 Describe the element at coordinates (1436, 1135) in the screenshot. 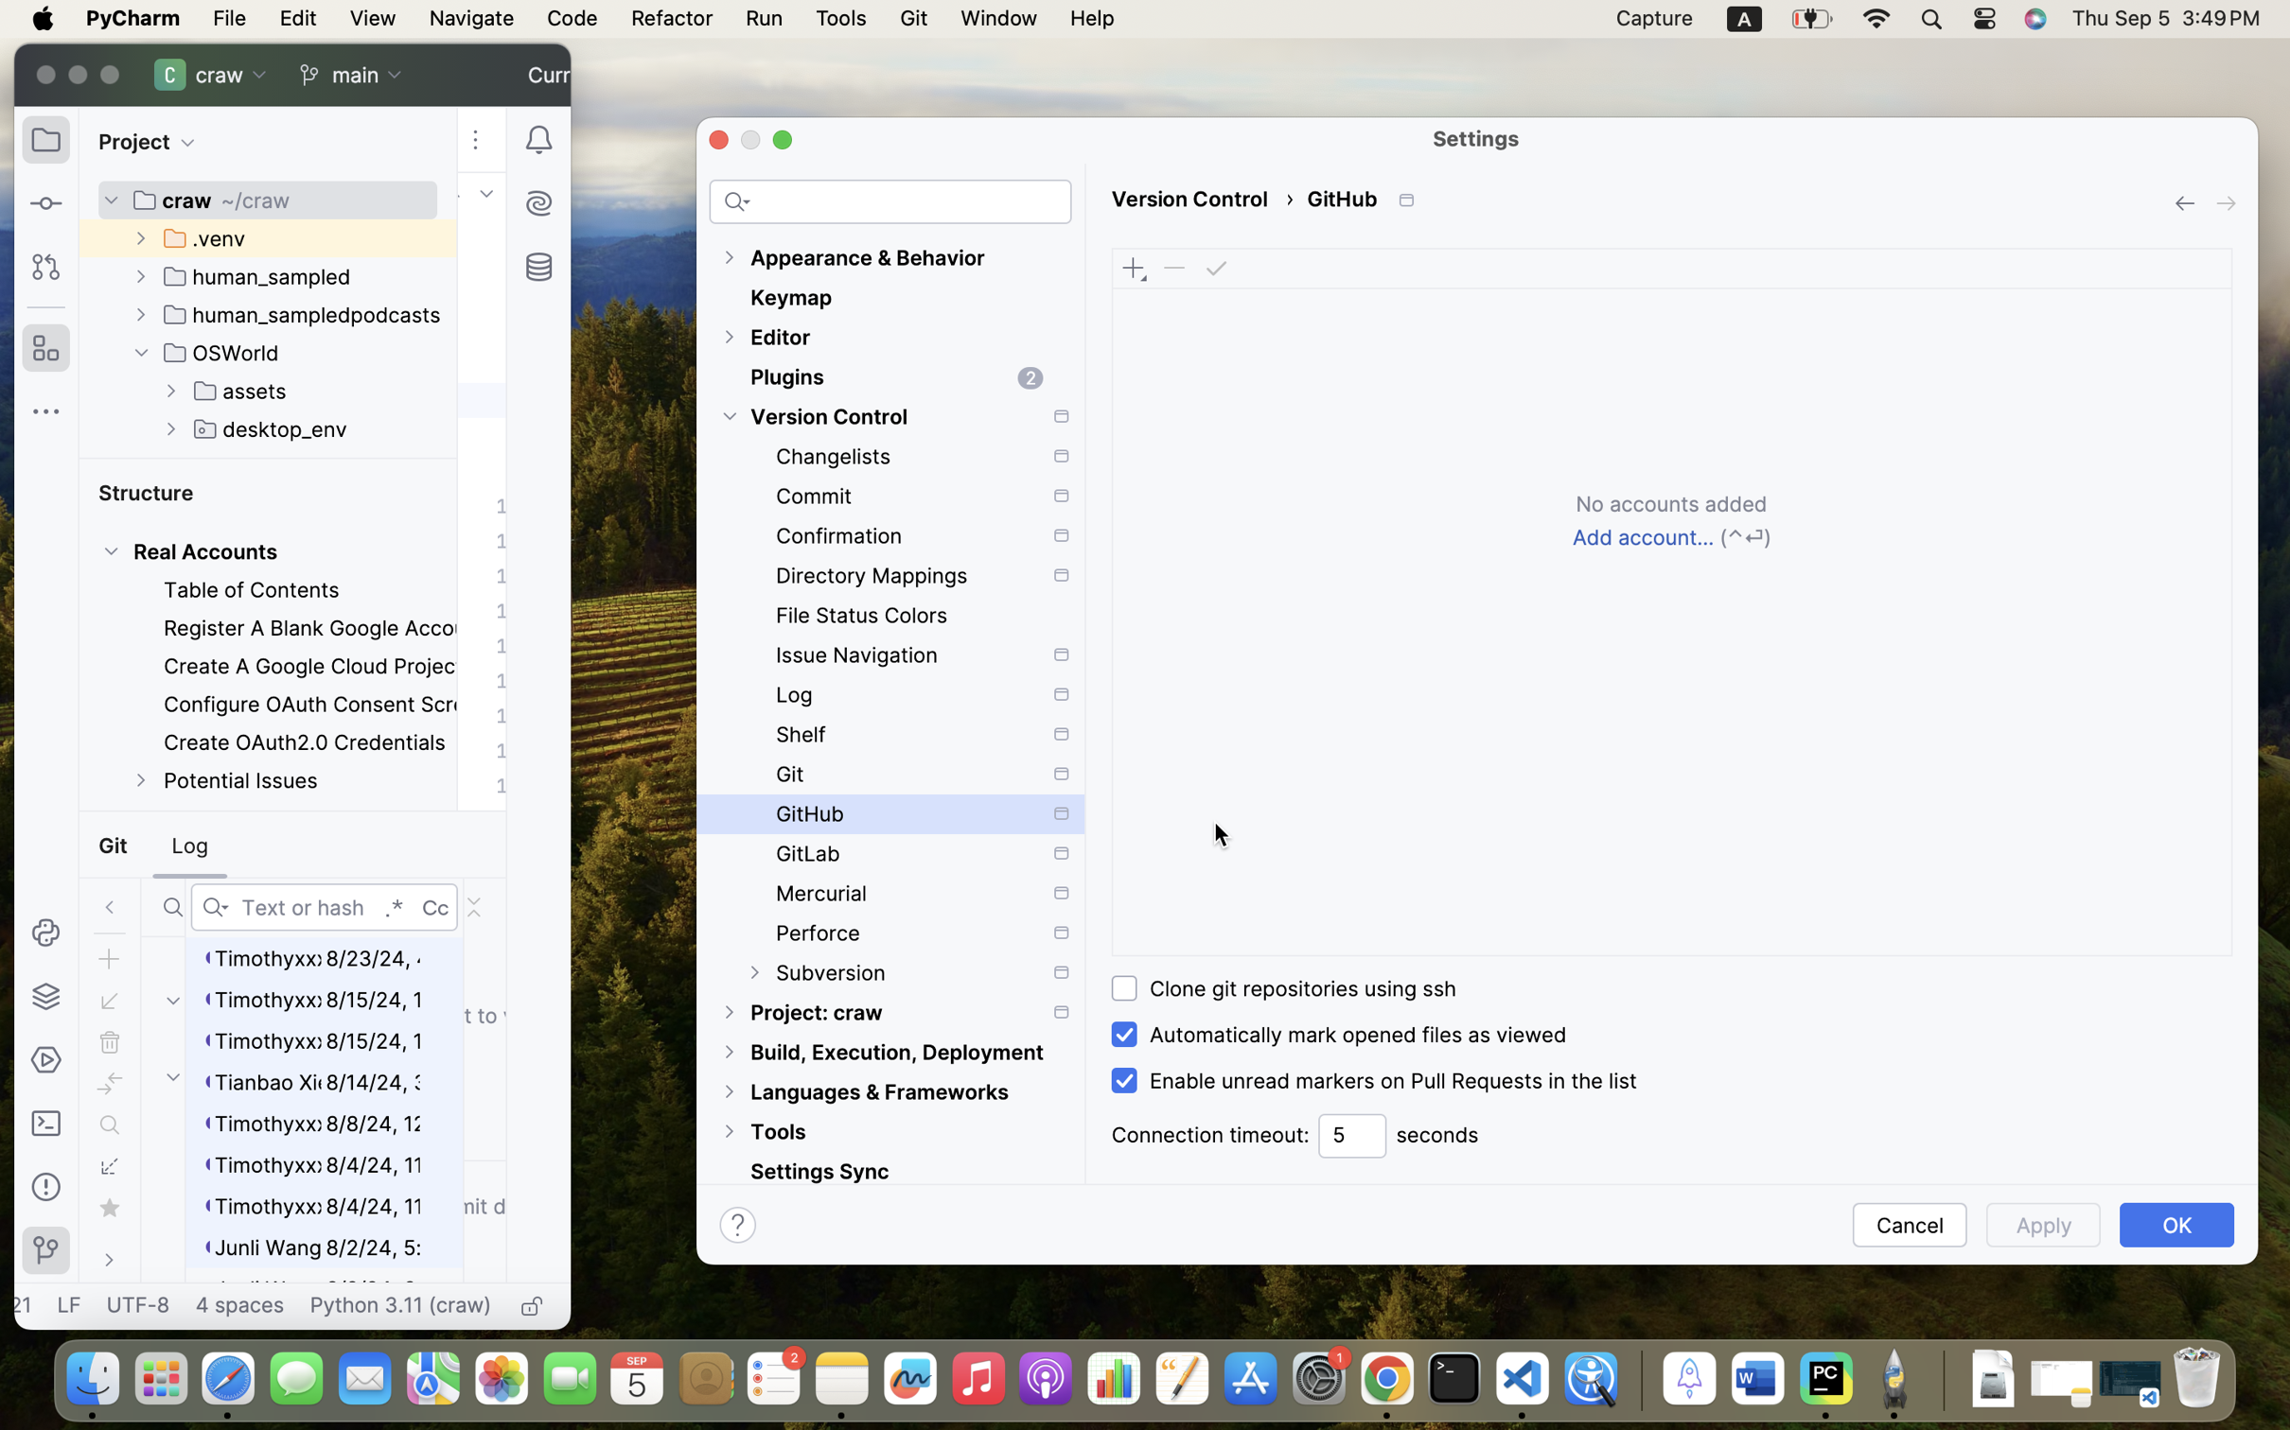

I see `'seconds'` at that location.